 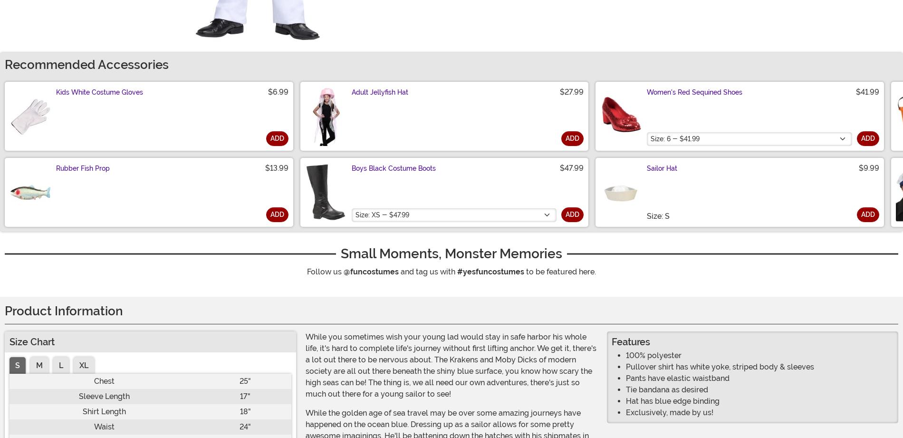 I want to click on 'Track Your Order', so click(x=236, y=415).